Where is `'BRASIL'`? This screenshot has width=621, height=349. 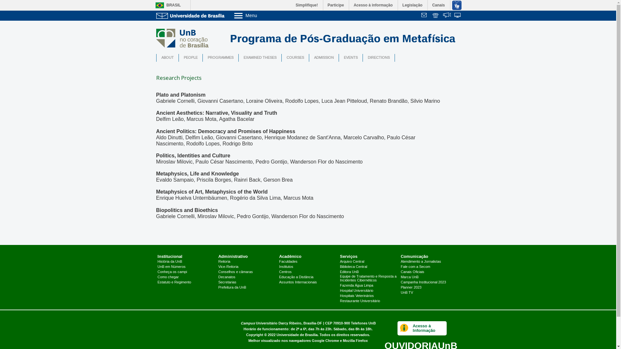
'BRASIL' is located at coordinates (166, 5).